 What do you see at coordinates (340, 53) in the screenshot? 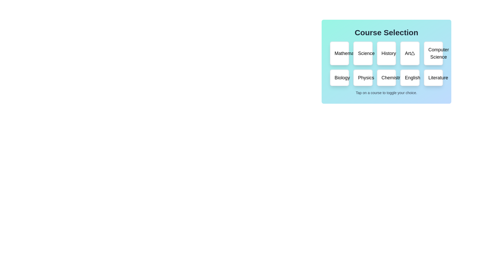
I see `the course Mathematics` at bounding box center [340, 53].